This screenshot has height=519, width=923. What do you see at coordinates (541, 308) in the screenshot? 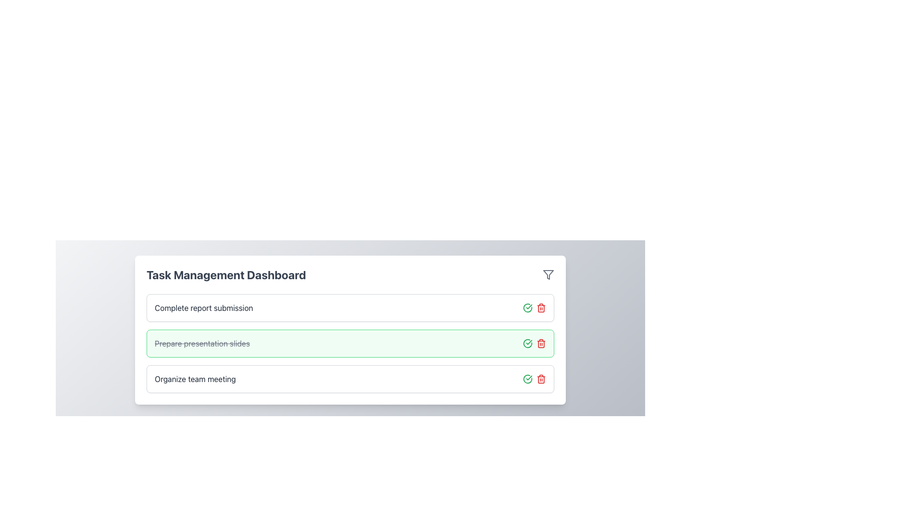
I see `the Trash Bin icon located to the far right of the task item titled 'Prepare presentation slides'` at bounding box center [541, 308].